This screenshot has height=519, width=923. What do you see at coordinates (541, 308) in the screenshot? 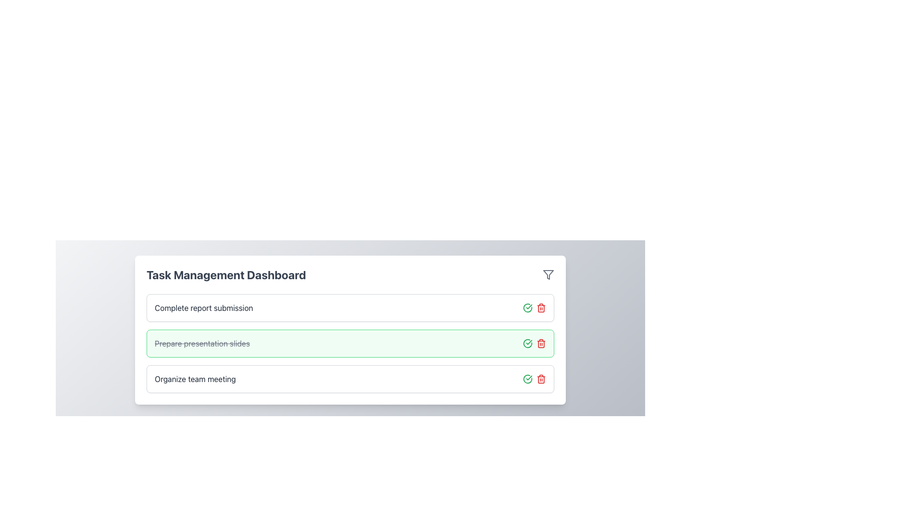
I see `the Trash Bin icon located to the far right of the task item titled 'Prepare presentation slides'` at bounding box center [541, 308].